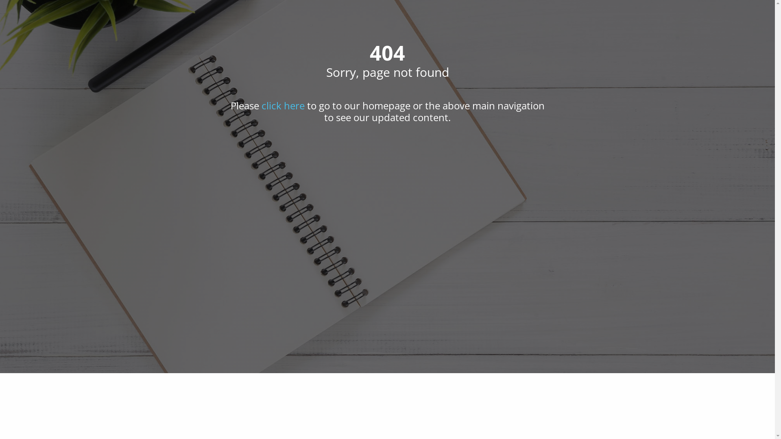  Describe the element at coordinates (261, 105) in the screenshot. I see `'click here'` at that location.